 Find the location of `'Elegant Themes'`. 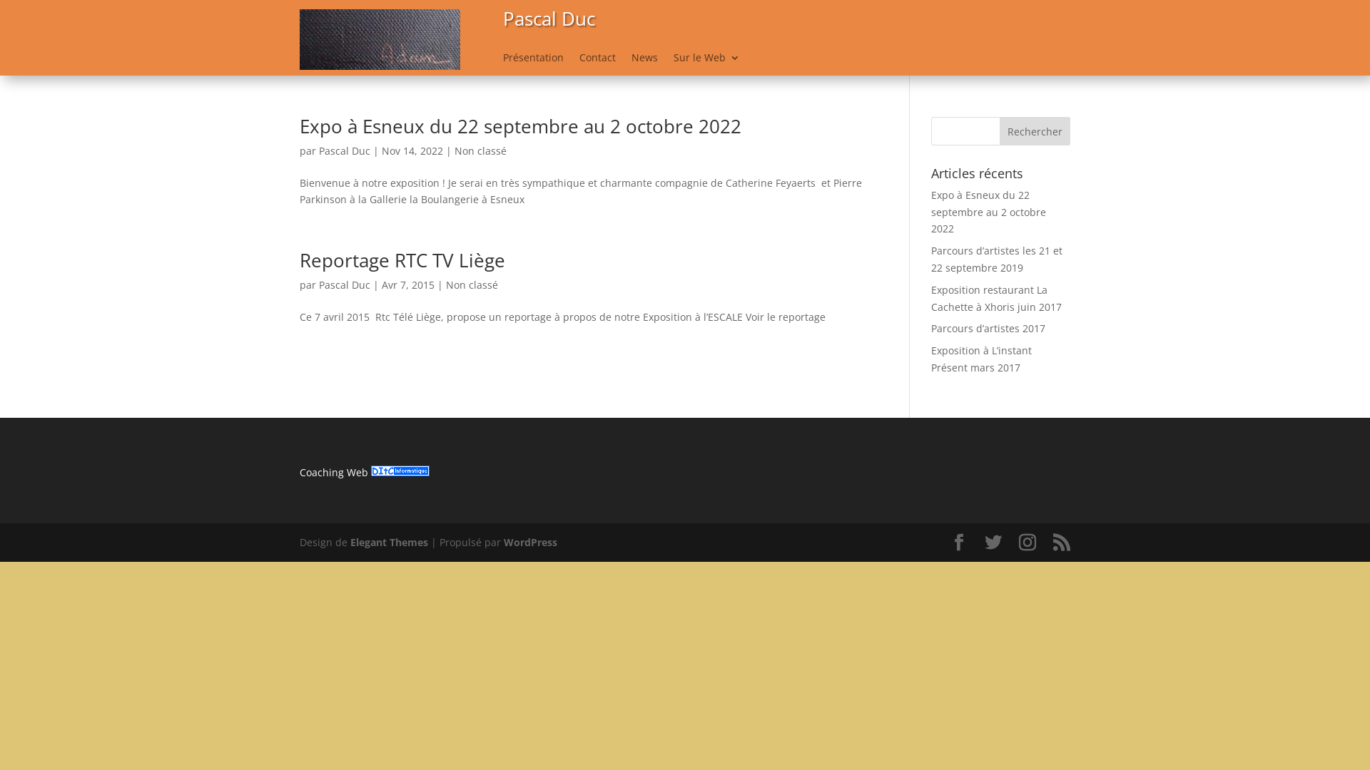

'Elegant Themes' is located at coordinates (389, 542).